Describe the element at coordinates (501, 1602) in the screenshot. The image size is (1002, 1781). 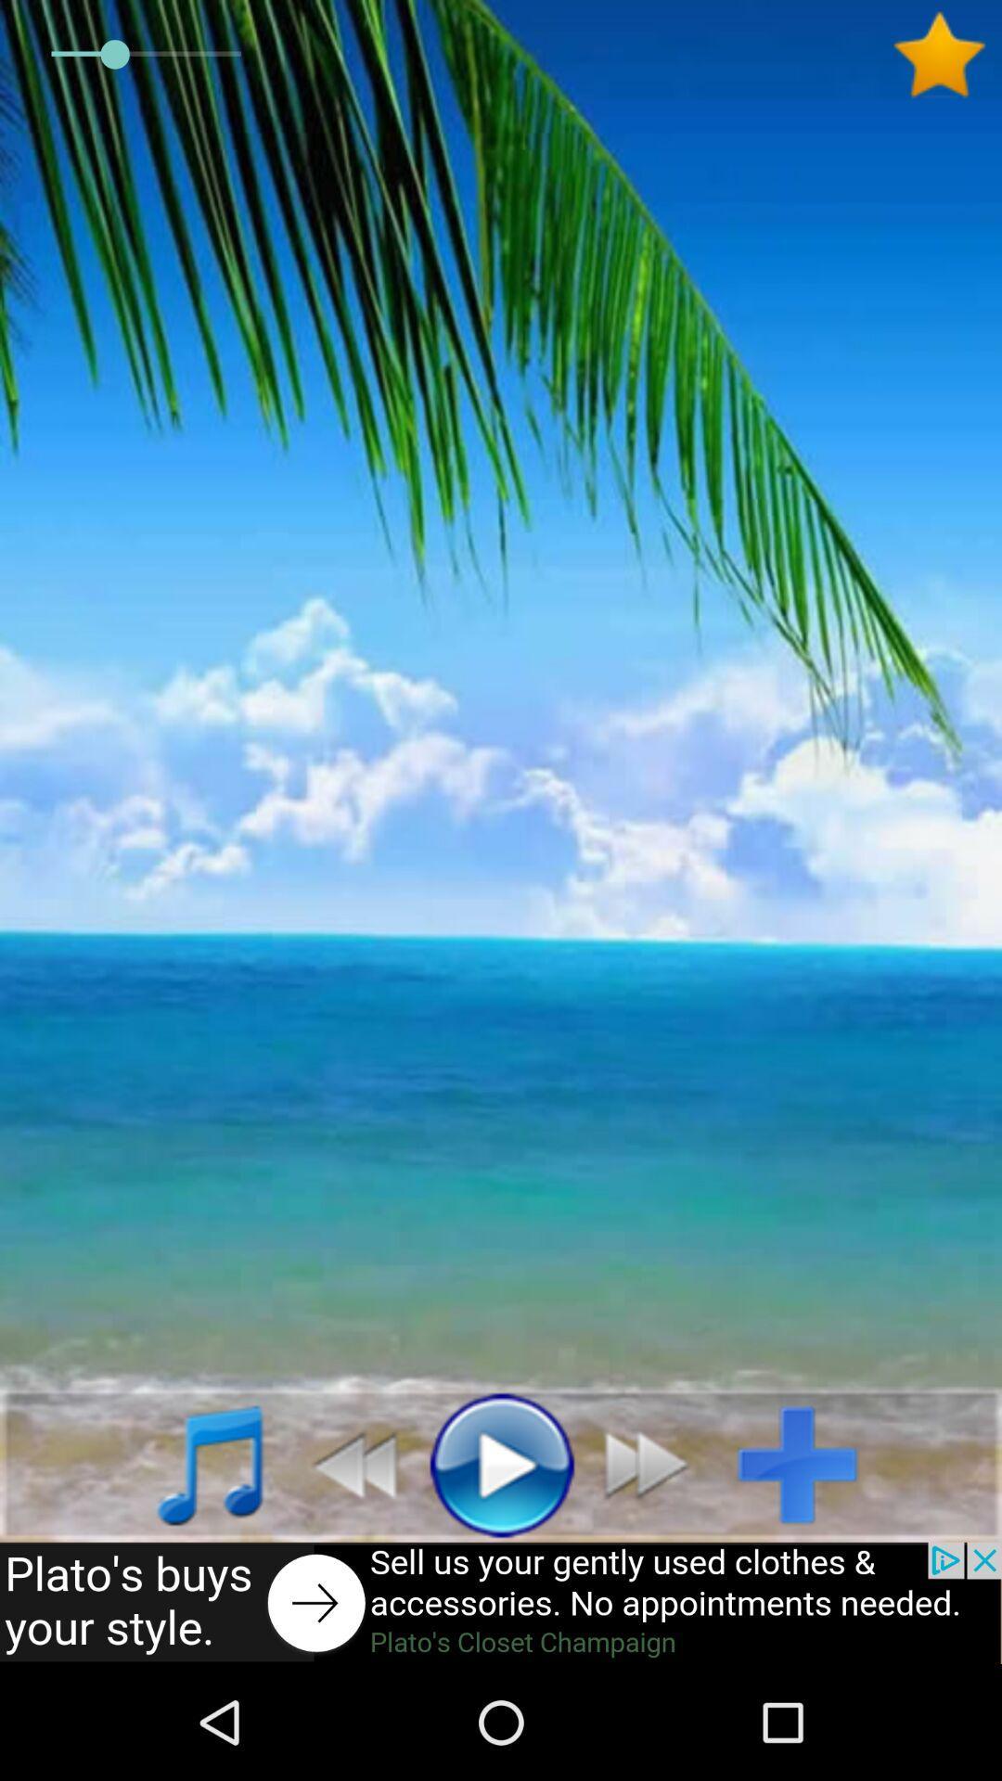
I see `the advertisement` at that location.